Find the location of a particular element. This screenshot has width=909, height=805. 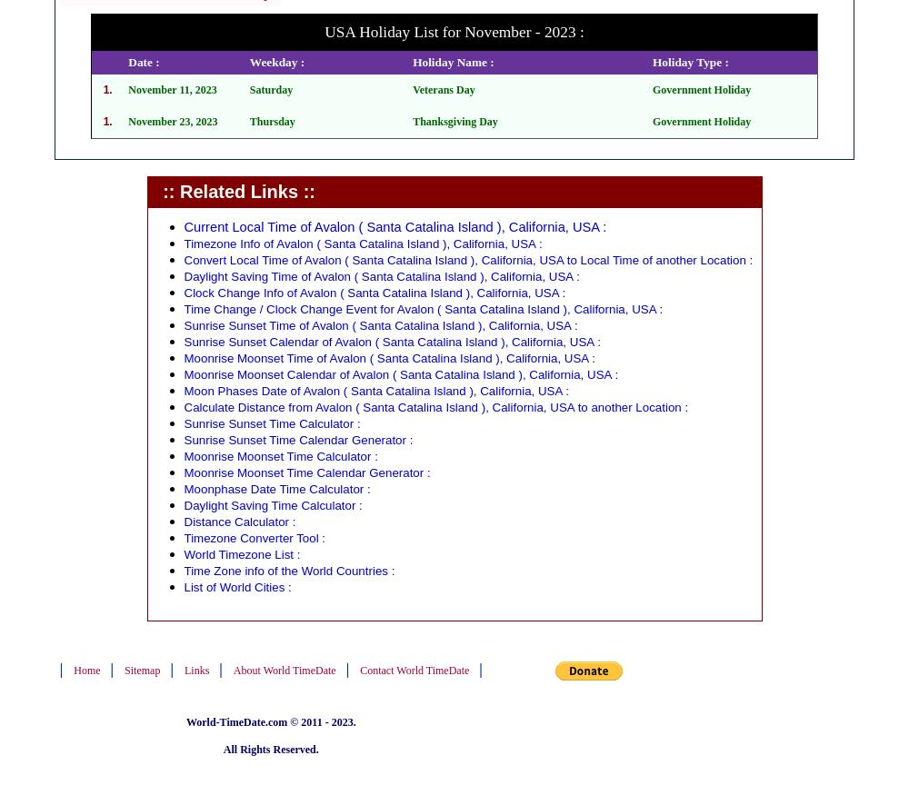

'Sunrise Sunset Time of Avalon ( Santa Catalina Island ), California, USA :' is located at coordinates (380, 325).